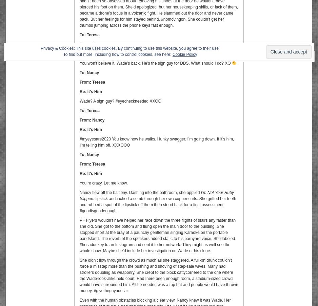 The image size is (318, 306). Describe the element at coordinates (155, 63) in the screenshot. I see `'You won’t believe it. Wade’s back. He’s the sign guy for DDS. What should I do? XO'` at that location.